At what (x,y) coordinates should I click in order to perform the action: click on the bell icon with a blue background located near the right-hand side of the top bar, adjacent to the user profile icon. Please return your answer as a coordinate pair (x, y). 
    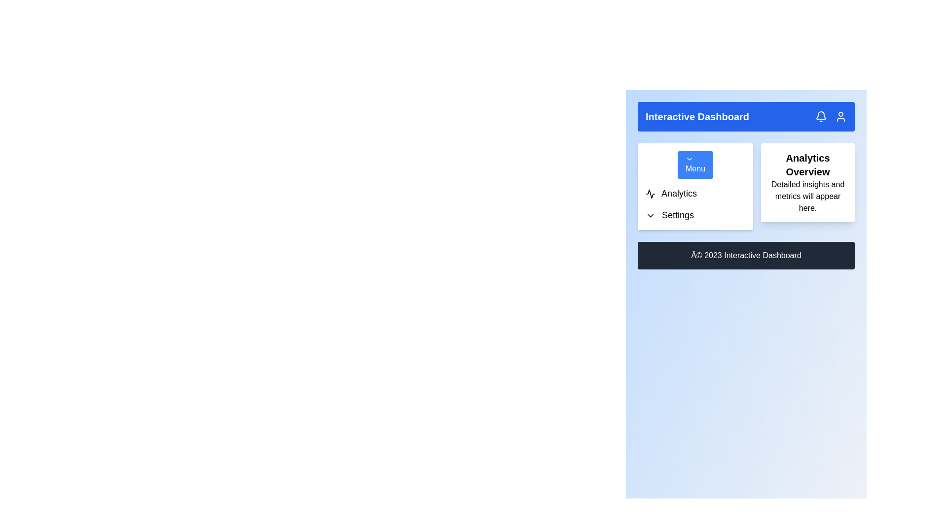
    Looking at the image, I should click on (821, 116).